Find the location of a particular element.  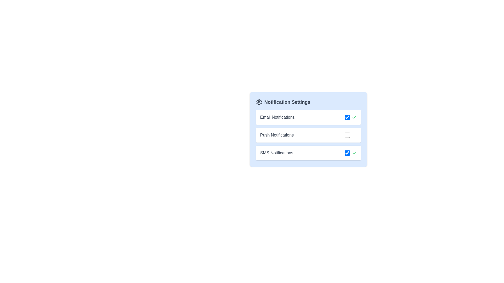

the gear icon associated with 'Notification Settings' is located at coordinates (259, 102).